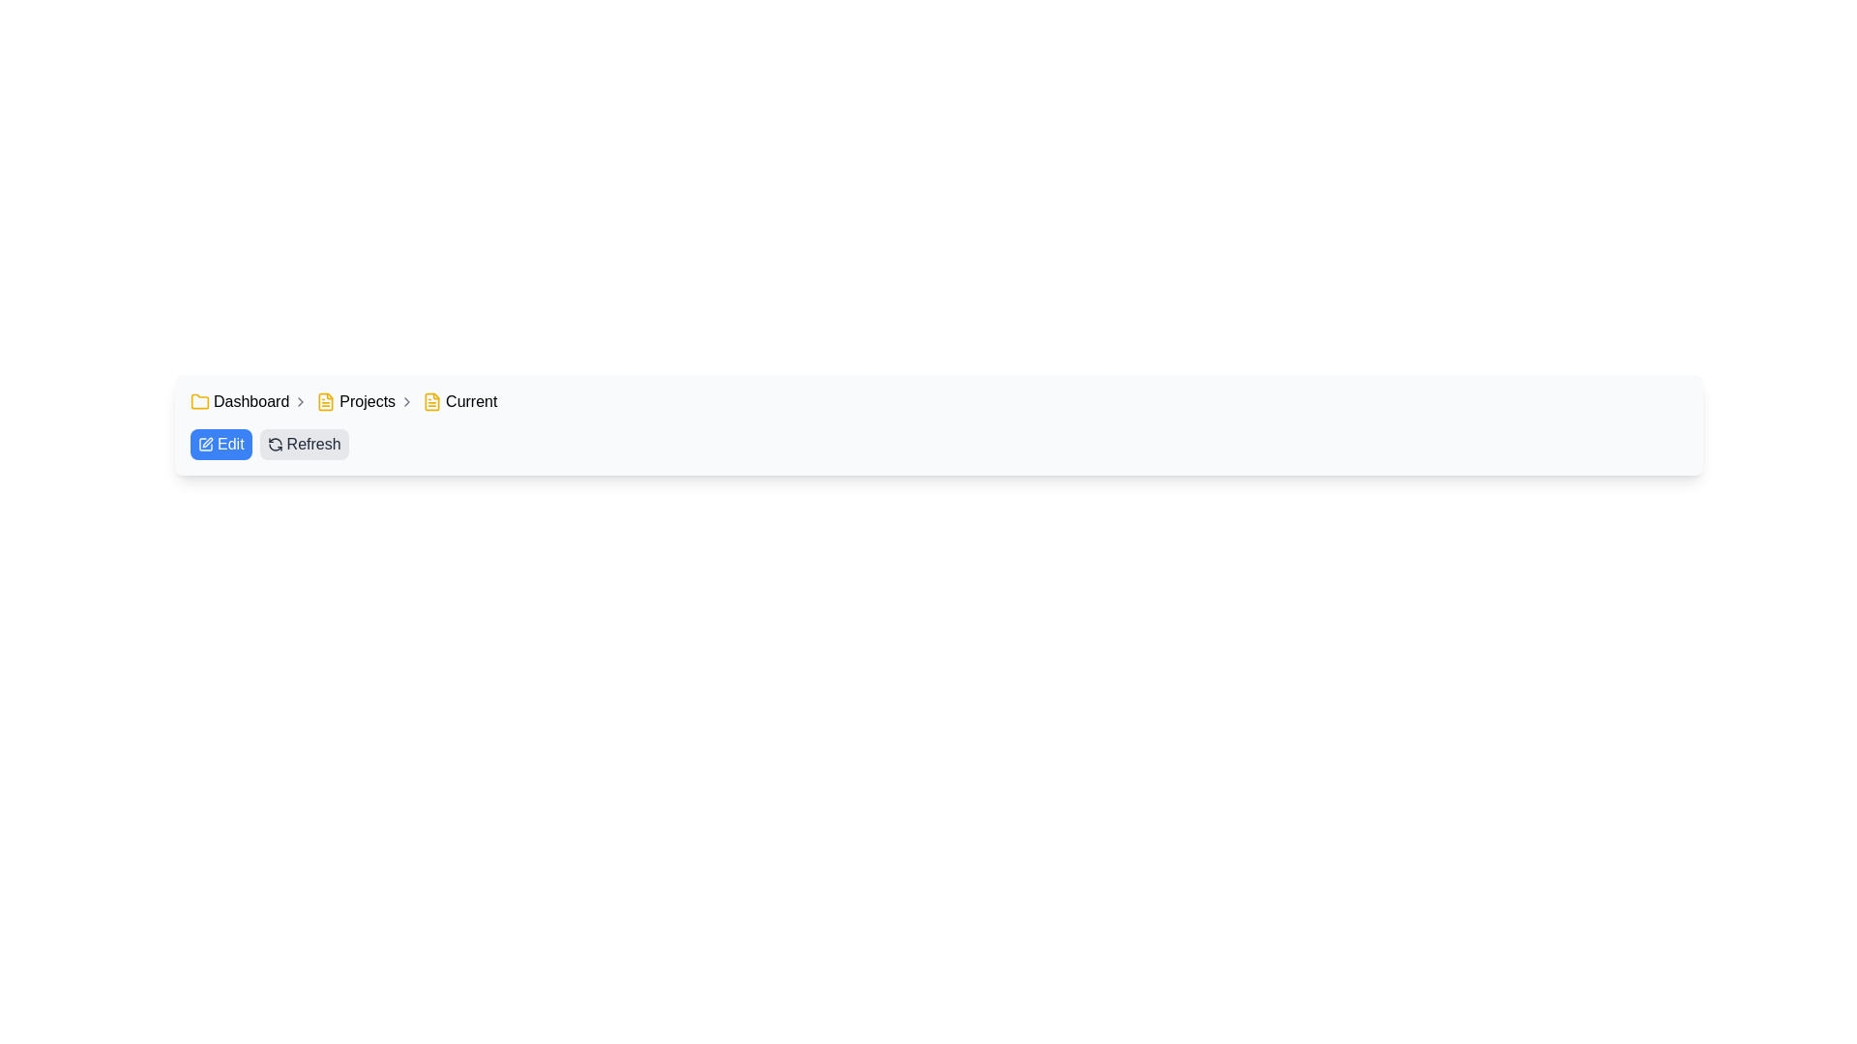 The height and width of the screenshot is (1044, 1857). Describe the element at coordinates (274, 444) in the screenshot. I see `the refresh icon located inside the 'Refresh' button in the lower section of the interface toolbar` at that location.